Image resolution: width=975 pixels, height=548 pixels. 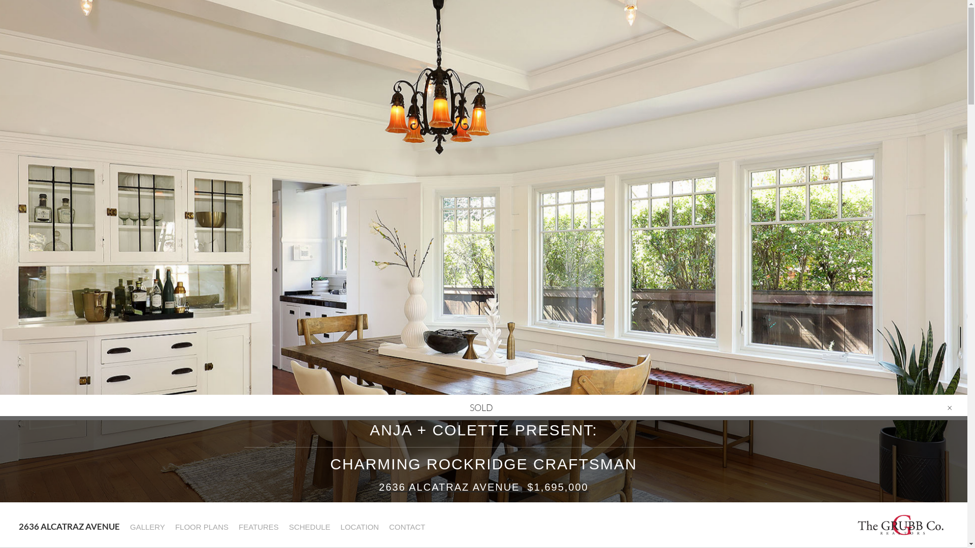 What do you see at coordinates (483, 487) in the screenshot?
I see `'2636 ALCATRAZ AVENUE  $1,695,000'` at bounding box center [483, 487].